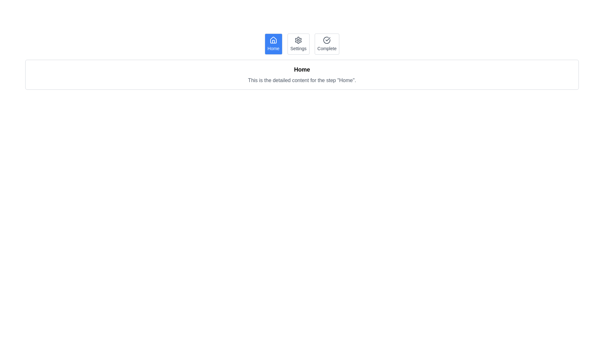 The height and width of the screenshot is (345, 614). I want to click on the button labeled 'Complete', which is the third button in a horizontal group of three buttons, positioned to the right of the 'Settings' button and to the far right of the 'Home' button, so click(327, 44).